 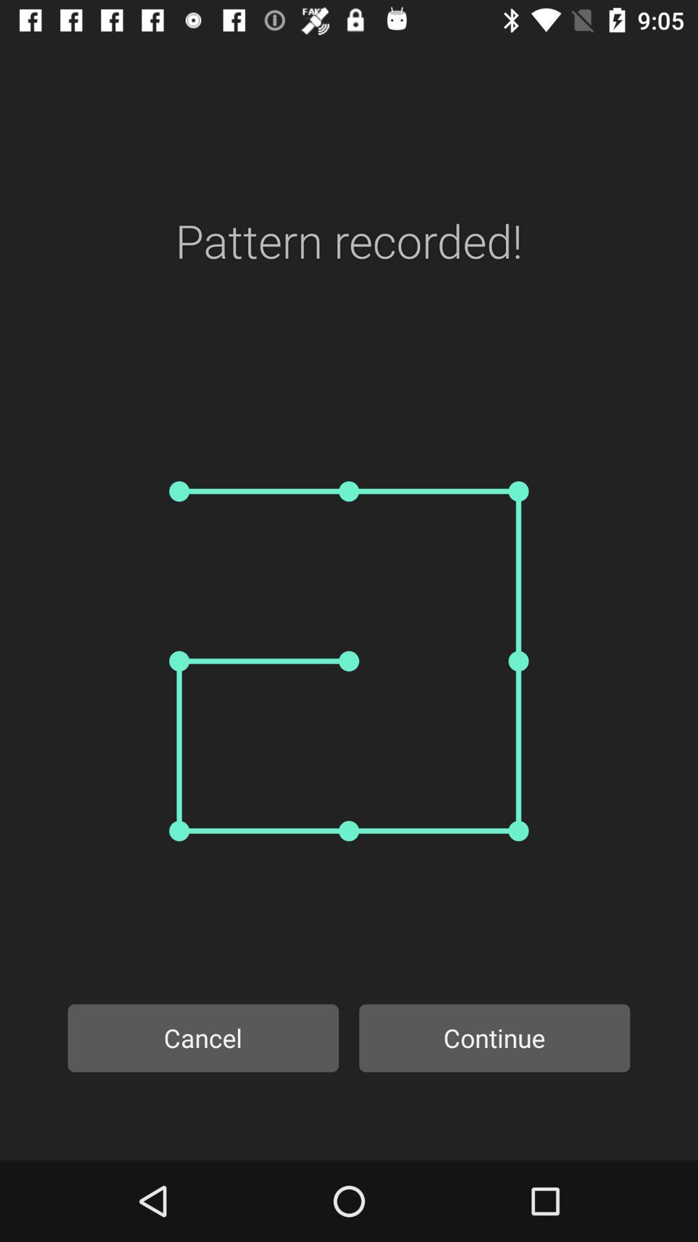 I want to click on item at the bottom left corner, so click(x=203, y=1038).